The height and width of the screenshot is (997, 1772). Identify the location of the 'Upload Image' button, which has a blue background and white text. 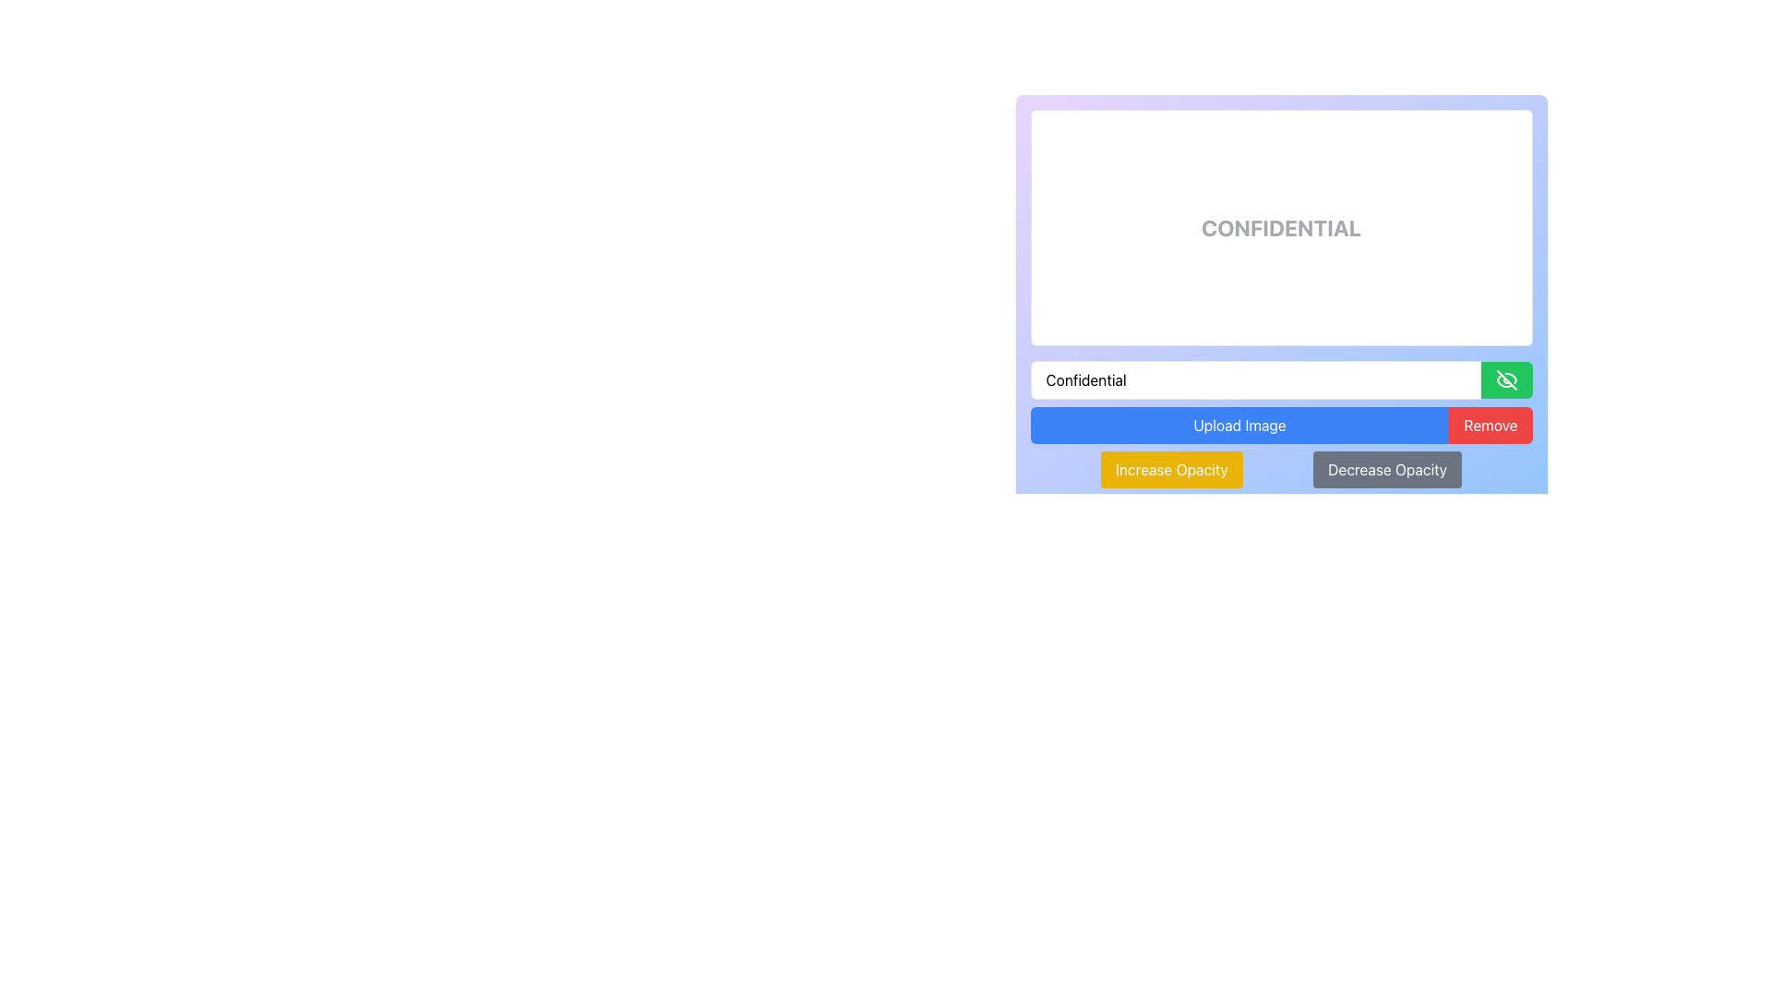
(1280, 426).